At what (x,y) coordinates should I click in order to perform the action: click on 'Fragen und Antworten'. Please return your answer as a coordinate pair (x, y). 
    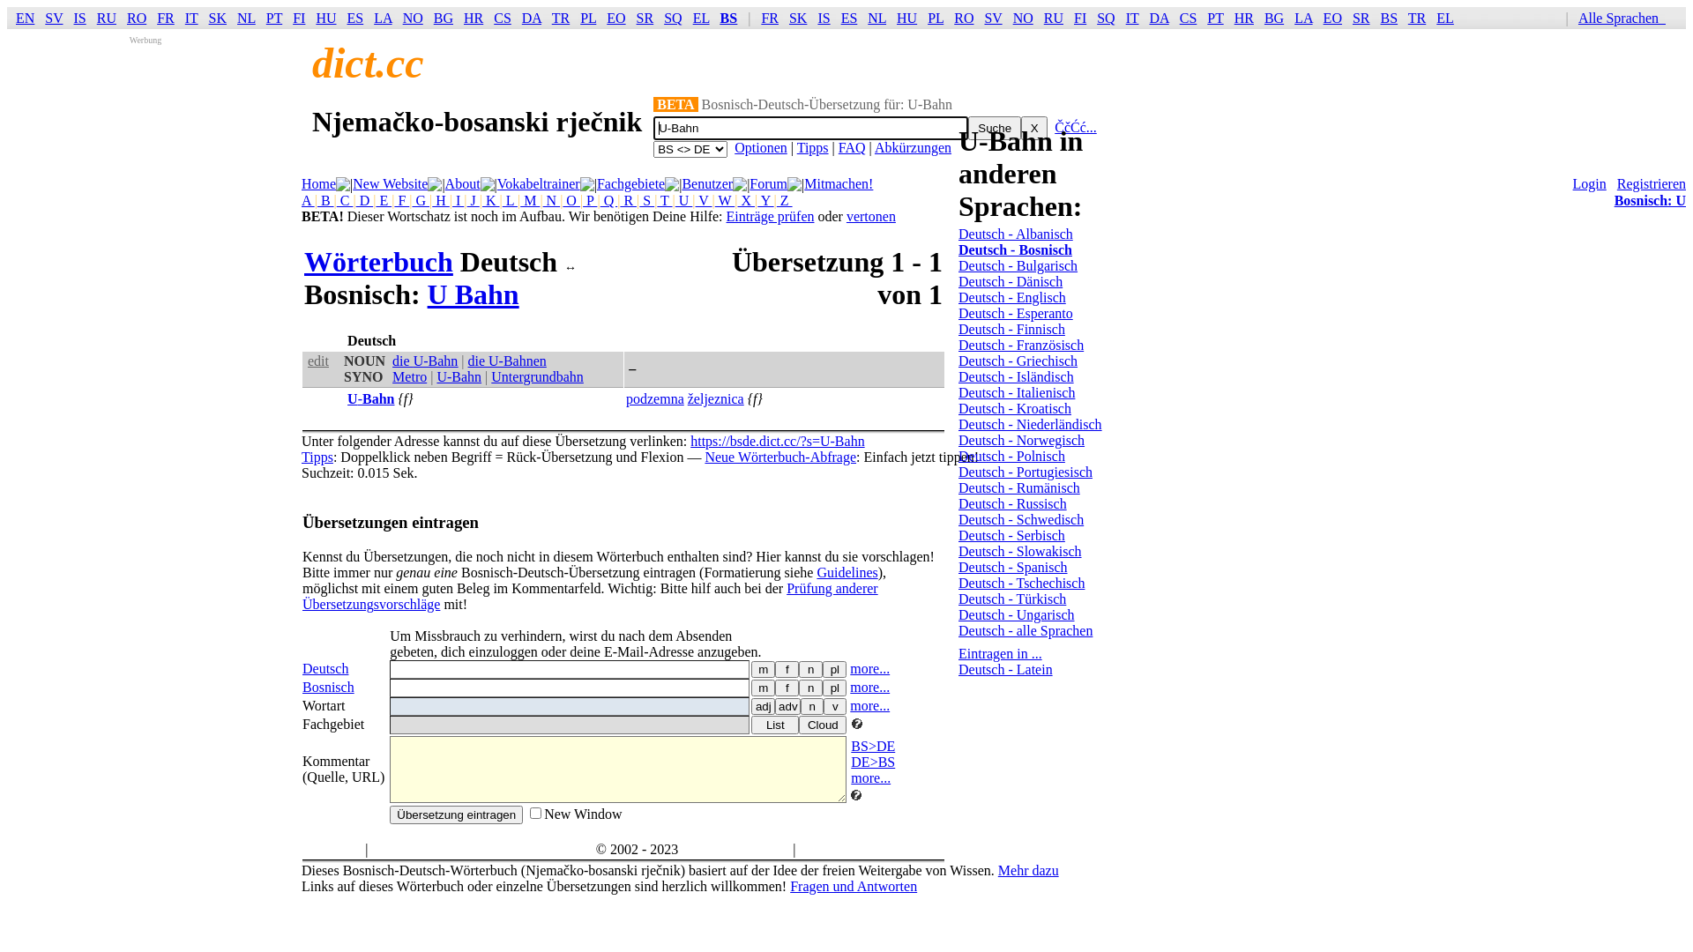
    Looking at the image, I should click on (854, 886).